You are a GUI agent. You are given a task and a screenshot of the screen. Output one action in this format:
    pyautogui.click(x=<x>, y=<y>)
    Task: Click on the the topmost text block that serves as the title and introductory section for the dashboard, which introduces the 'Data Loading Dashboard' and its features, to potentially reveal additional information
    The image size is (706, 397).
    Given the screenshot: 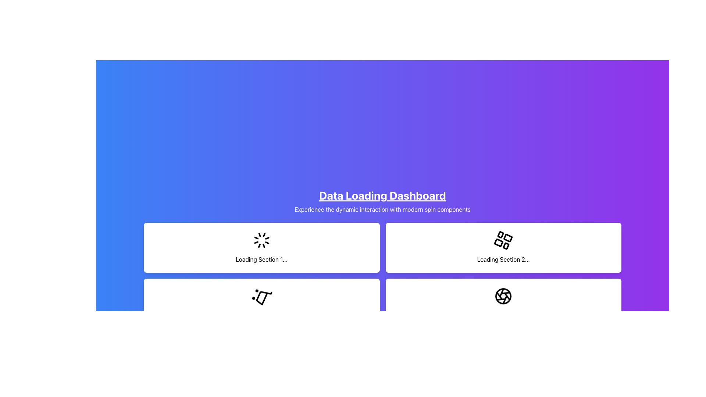 What is the action you would take?
    pyautogui.click(x=382, y=201)
    